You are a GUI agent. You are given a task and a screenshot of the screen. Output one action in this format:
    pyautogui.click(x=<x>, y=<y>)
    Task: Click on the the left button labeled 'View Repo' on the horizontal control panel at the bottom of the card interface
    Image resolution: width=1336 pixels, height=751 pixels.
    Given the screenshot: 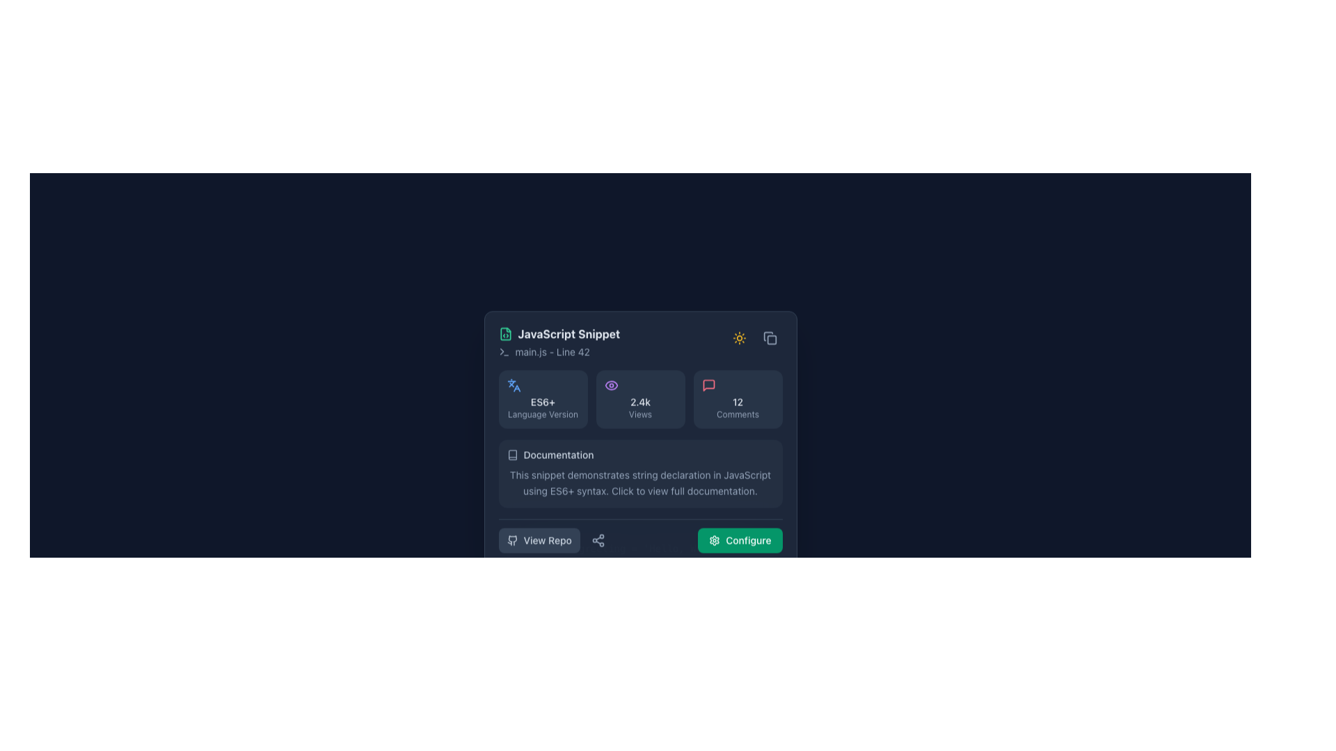 What is the action you would take?
    pyautogui.click(x=639, y=535)
    